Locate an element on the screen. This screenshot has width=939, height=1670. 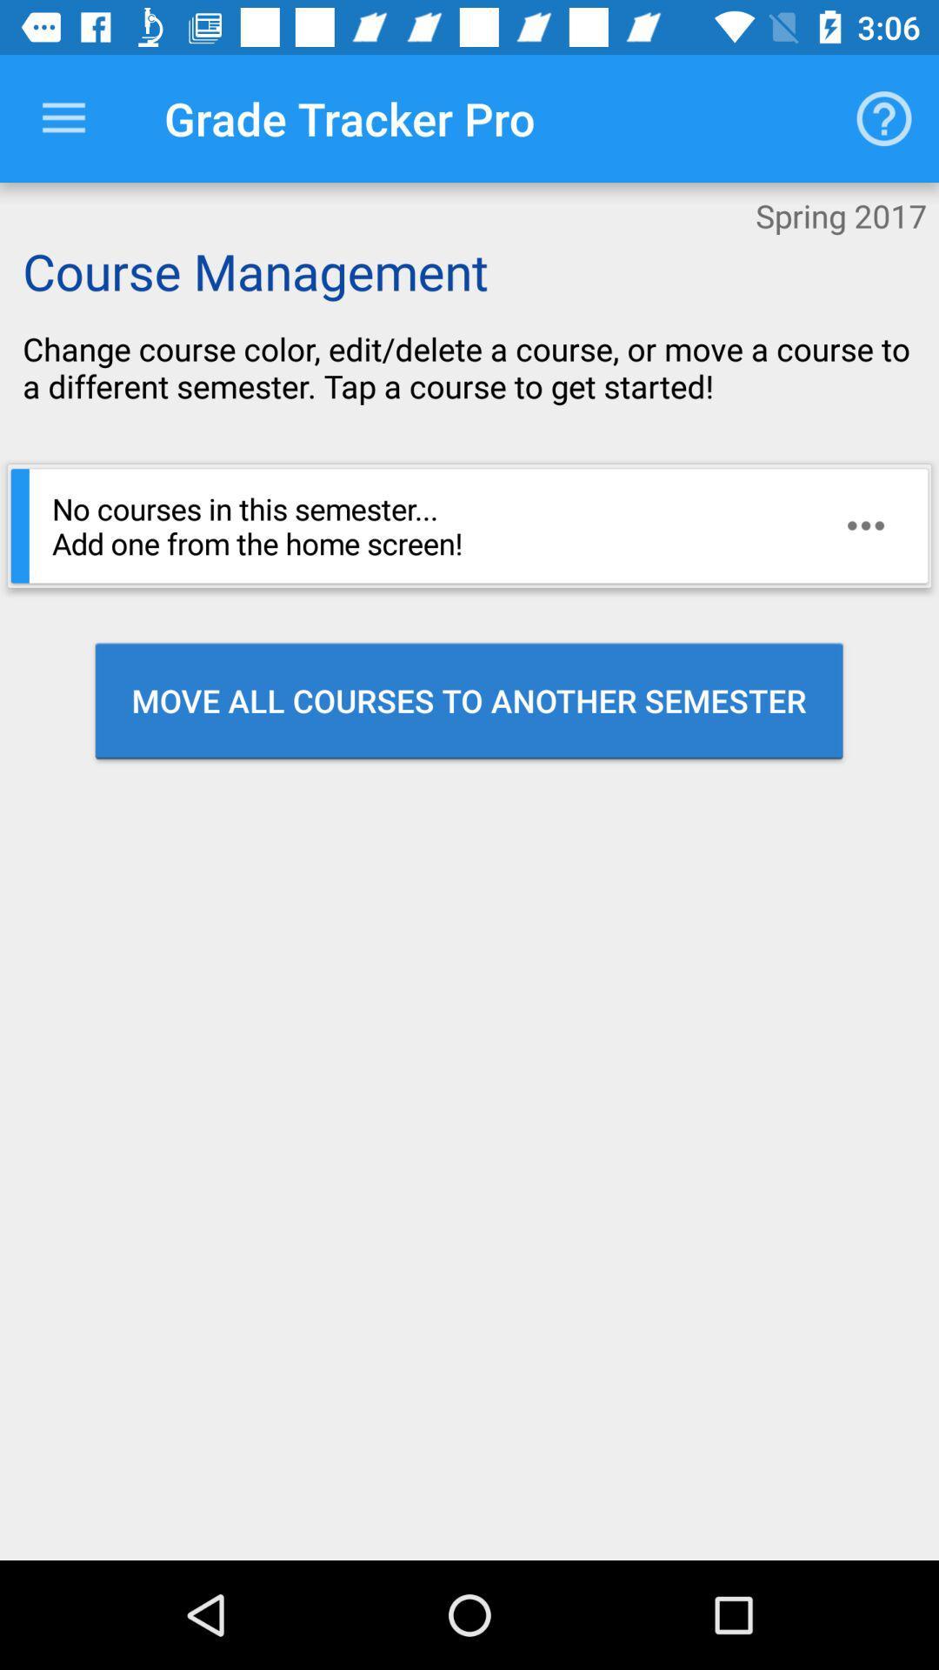
icon at the center is located at coordinates (468, 700).